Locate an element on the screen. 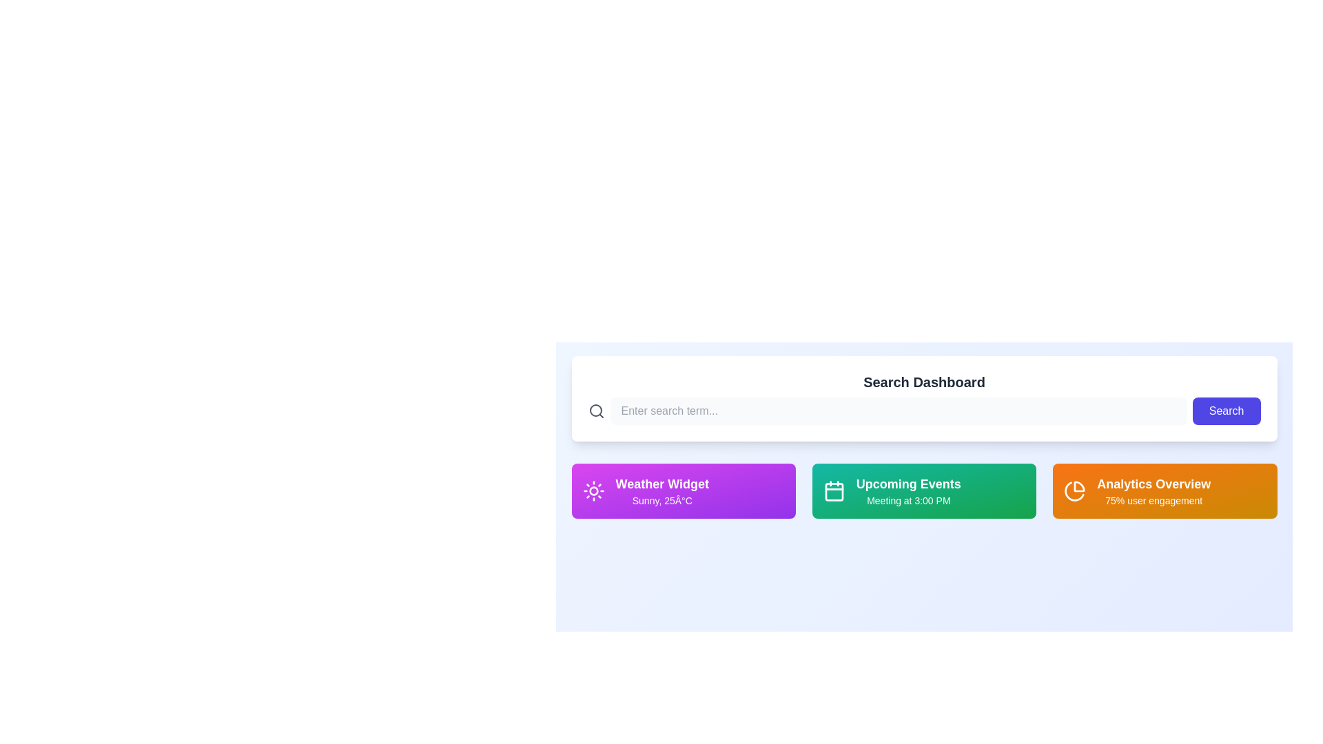 This screenshot has width=1323, height=744. the weather information card, which is the first card in a row of three, displaying weather conditions and temperature is located at coordinates (684, 490).